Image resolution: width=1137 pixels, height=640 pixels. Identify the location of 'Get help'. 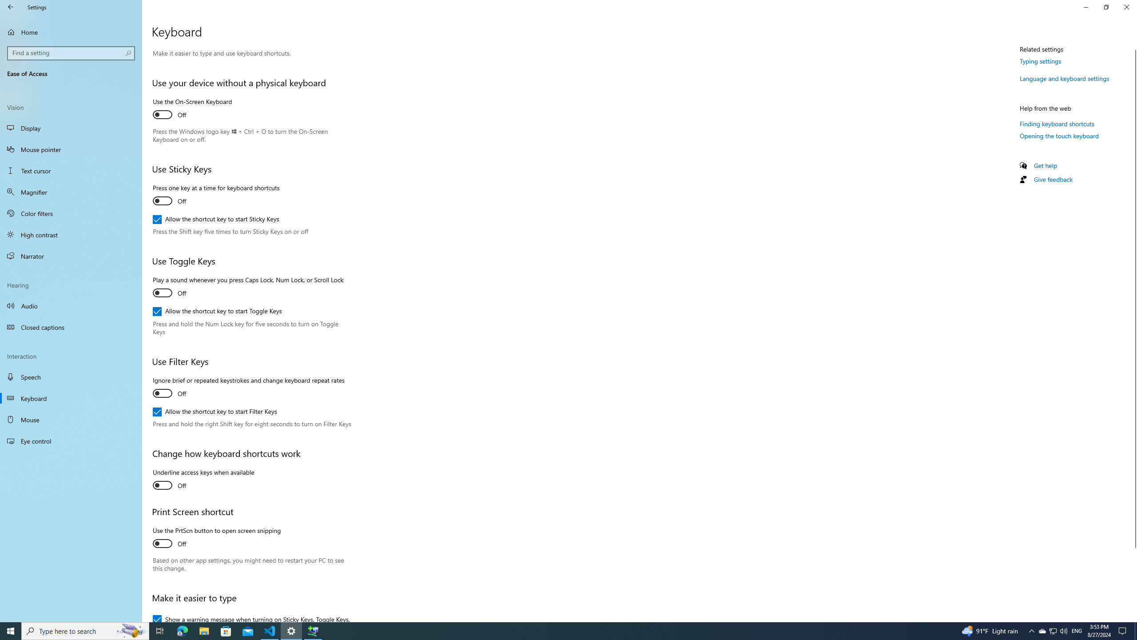
(1045, 165).